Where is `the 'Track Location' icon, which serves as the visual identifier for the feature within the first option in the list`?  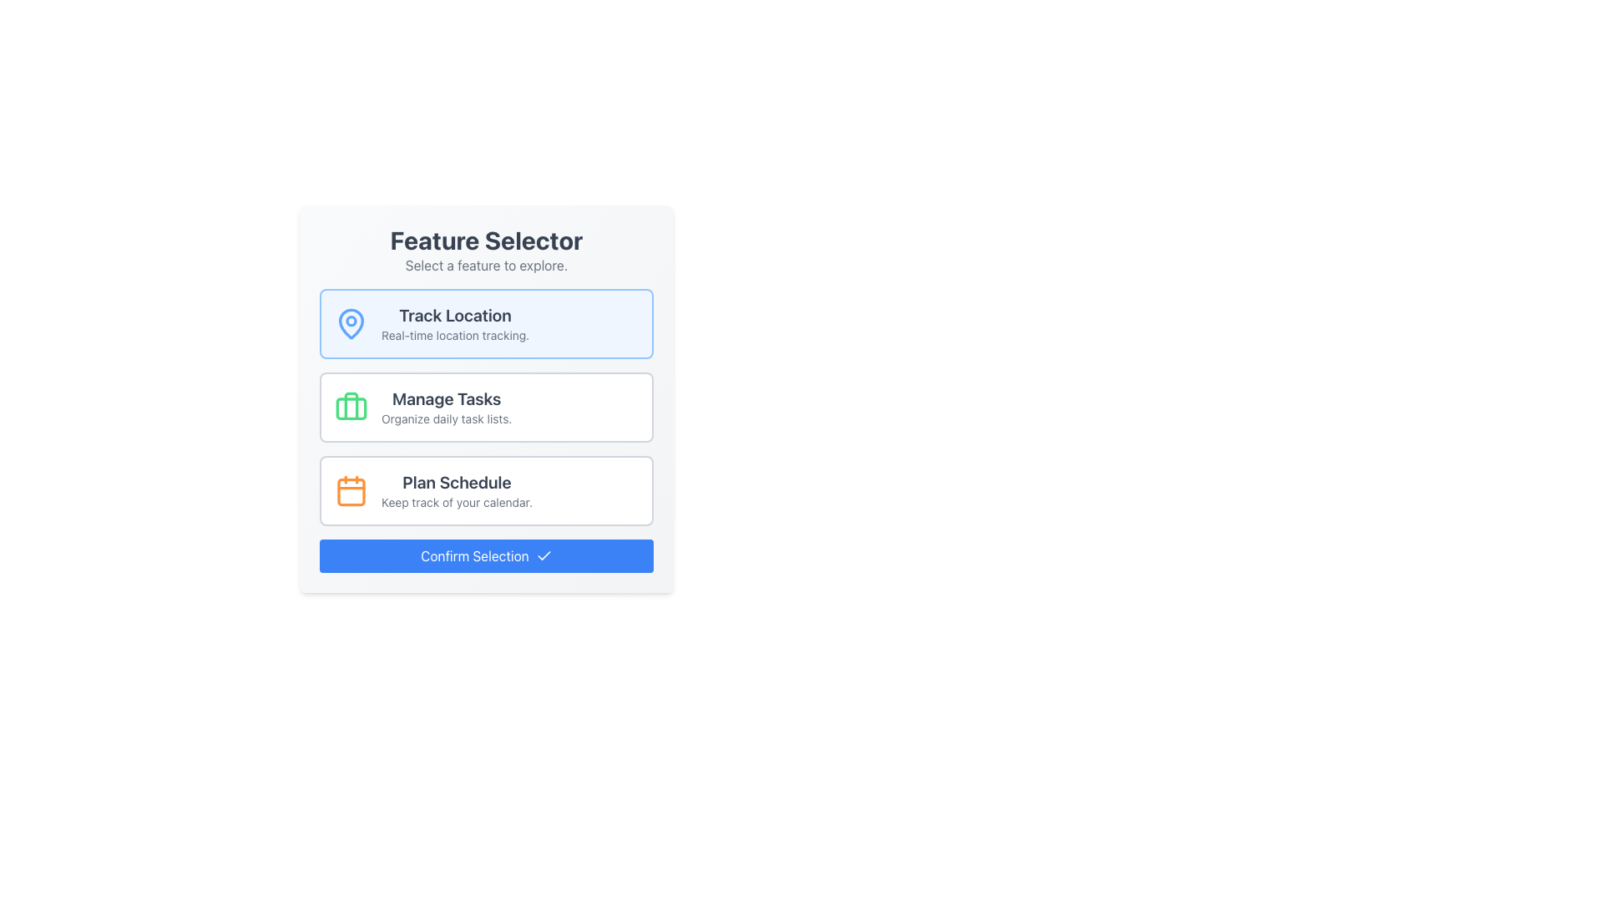
the 'Track Location' icon, which serves as the visual identifier for the feature within the first option in the list is located at coordinates (351, 322).